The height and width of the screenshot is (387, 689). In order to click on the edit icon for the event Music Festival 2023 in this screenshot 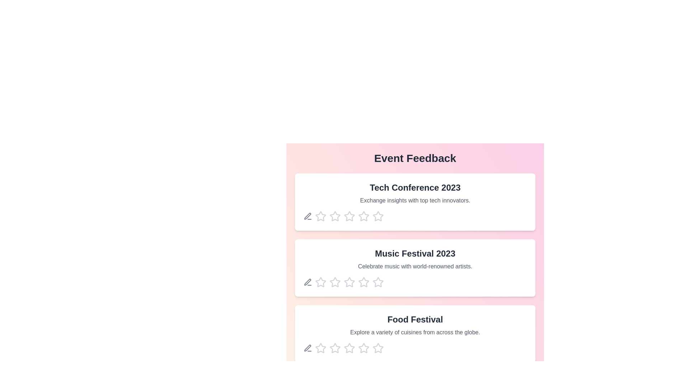, I will do `click(308, 282)`.